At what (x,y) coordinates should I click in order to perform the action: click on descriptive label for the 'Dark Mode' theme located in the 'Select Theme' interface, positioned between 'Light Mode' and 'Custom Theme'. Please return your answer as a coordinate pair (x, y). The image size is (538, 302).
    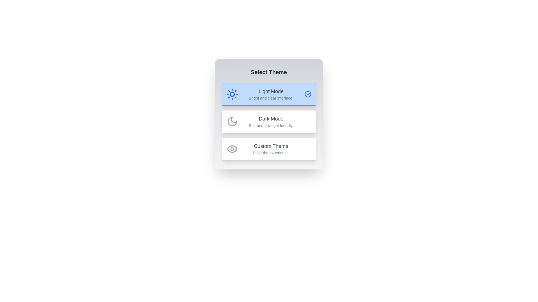
    Looking at the image, I should click on (271, 121).